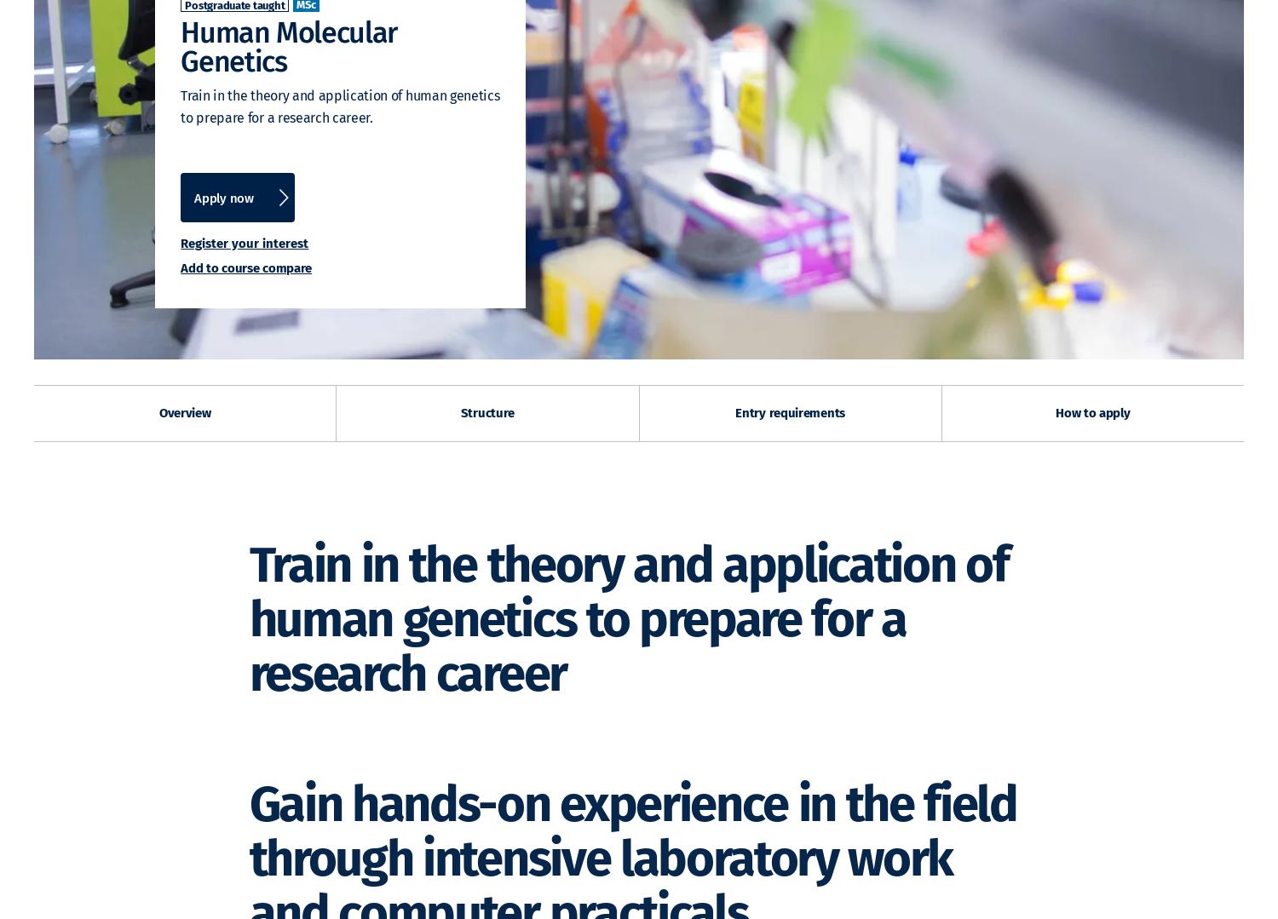 The height and width of the screenshot is (919, 1278). What do you see at coordinates (1092, 412) in the screenshot?
I see `'How to apply'` at bounding box center [1092, 412].